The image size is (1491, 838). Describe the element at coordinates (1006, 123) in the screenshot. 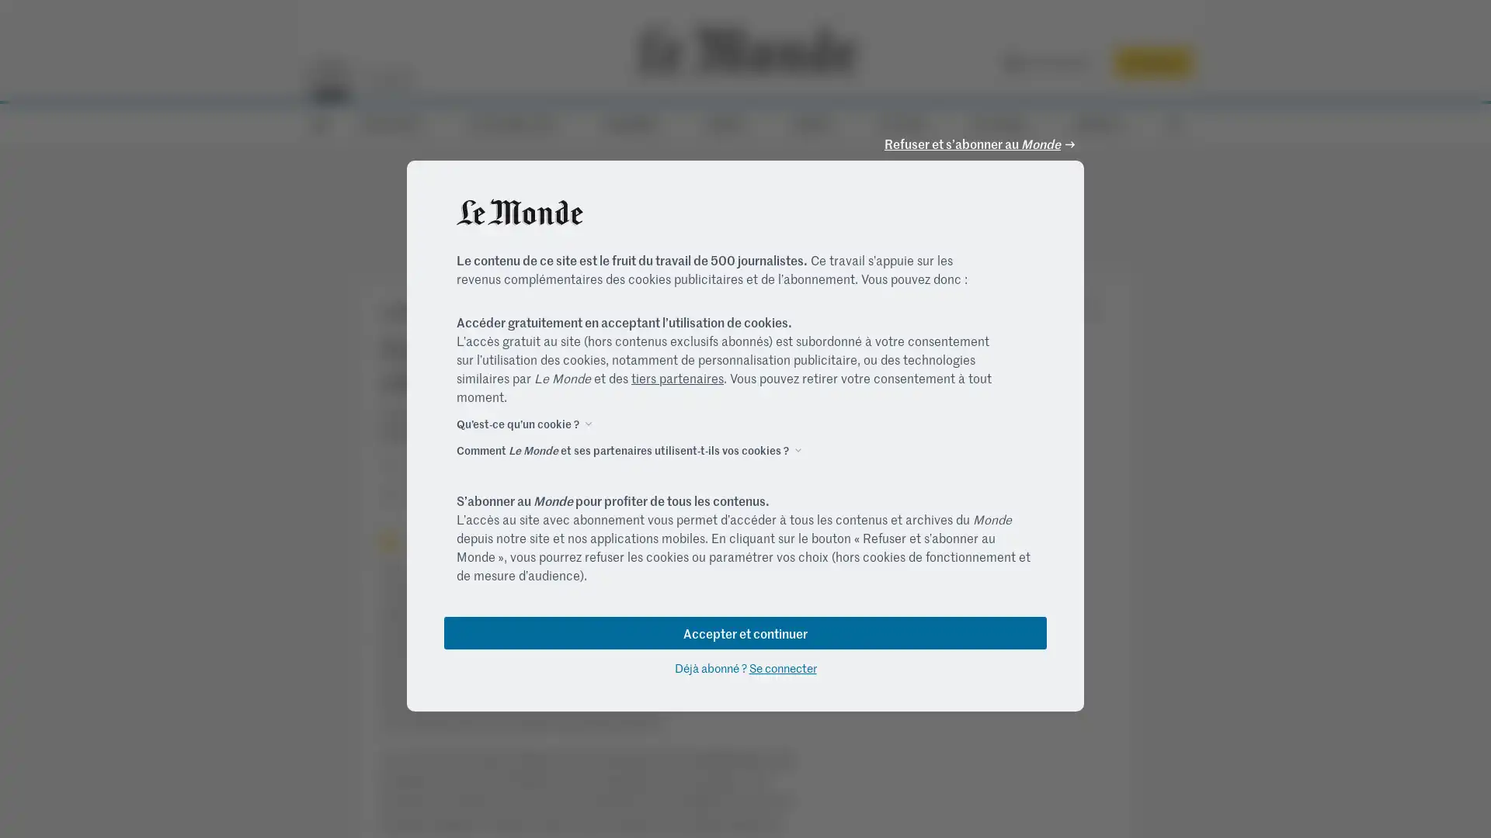

I see `M LE MAG` at that location.